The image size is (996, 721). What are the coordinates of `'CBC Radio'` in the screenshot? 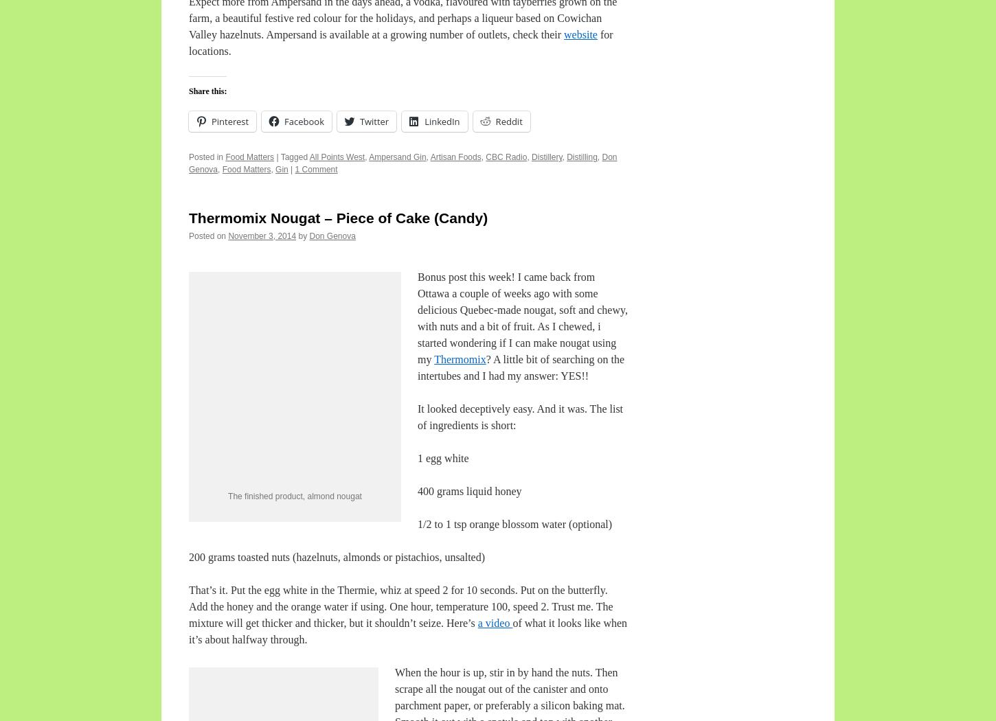 It's located at (506, 157).